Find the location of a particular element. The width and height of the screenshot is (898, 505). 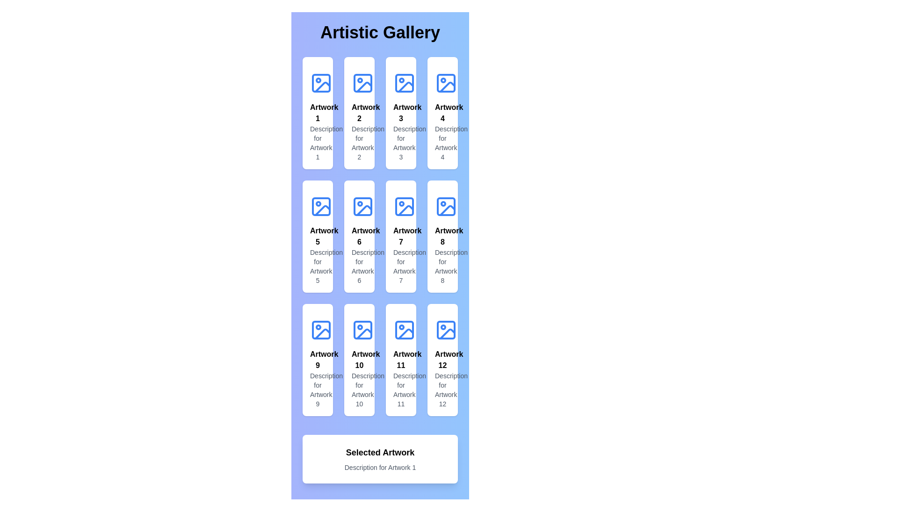

the text label displaying 'Artwork 7', which is the title of the card in the second row and third column of a 4-by-3 grid layout is located at coordinates (401, 236).